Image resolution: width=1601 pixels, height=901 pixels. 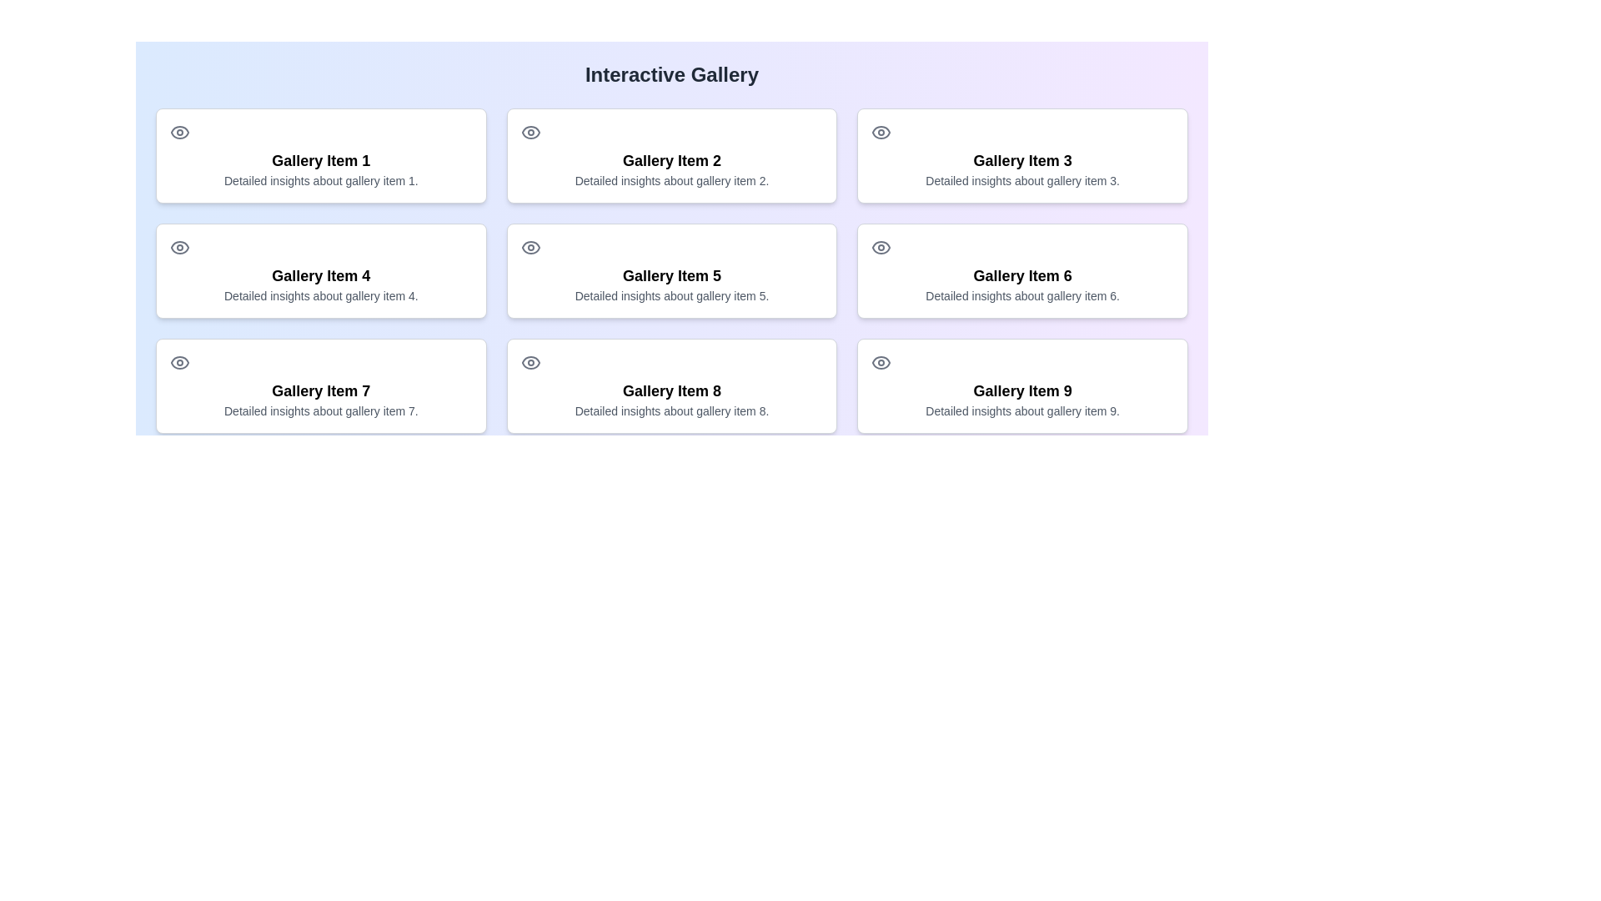 I want to click on the gallery item titled 'Gallery Item 8', so click(x=672, y=385).